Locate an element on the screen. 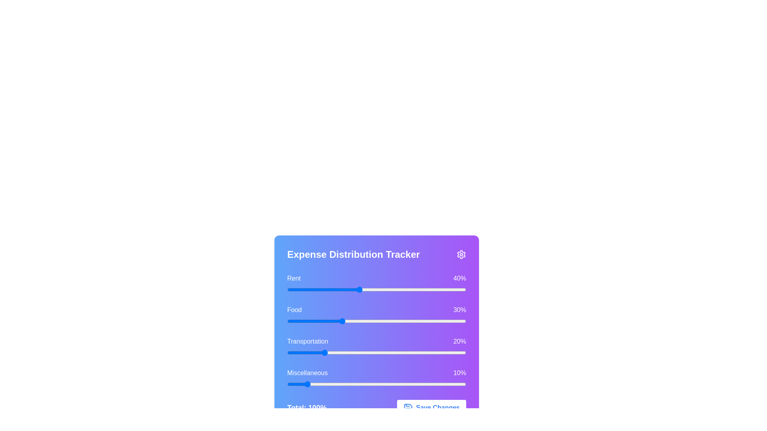 Image resolution: width=767 pixels, height=431 pixels. the 'Transportation' slider is located at coordinates (429, 352).